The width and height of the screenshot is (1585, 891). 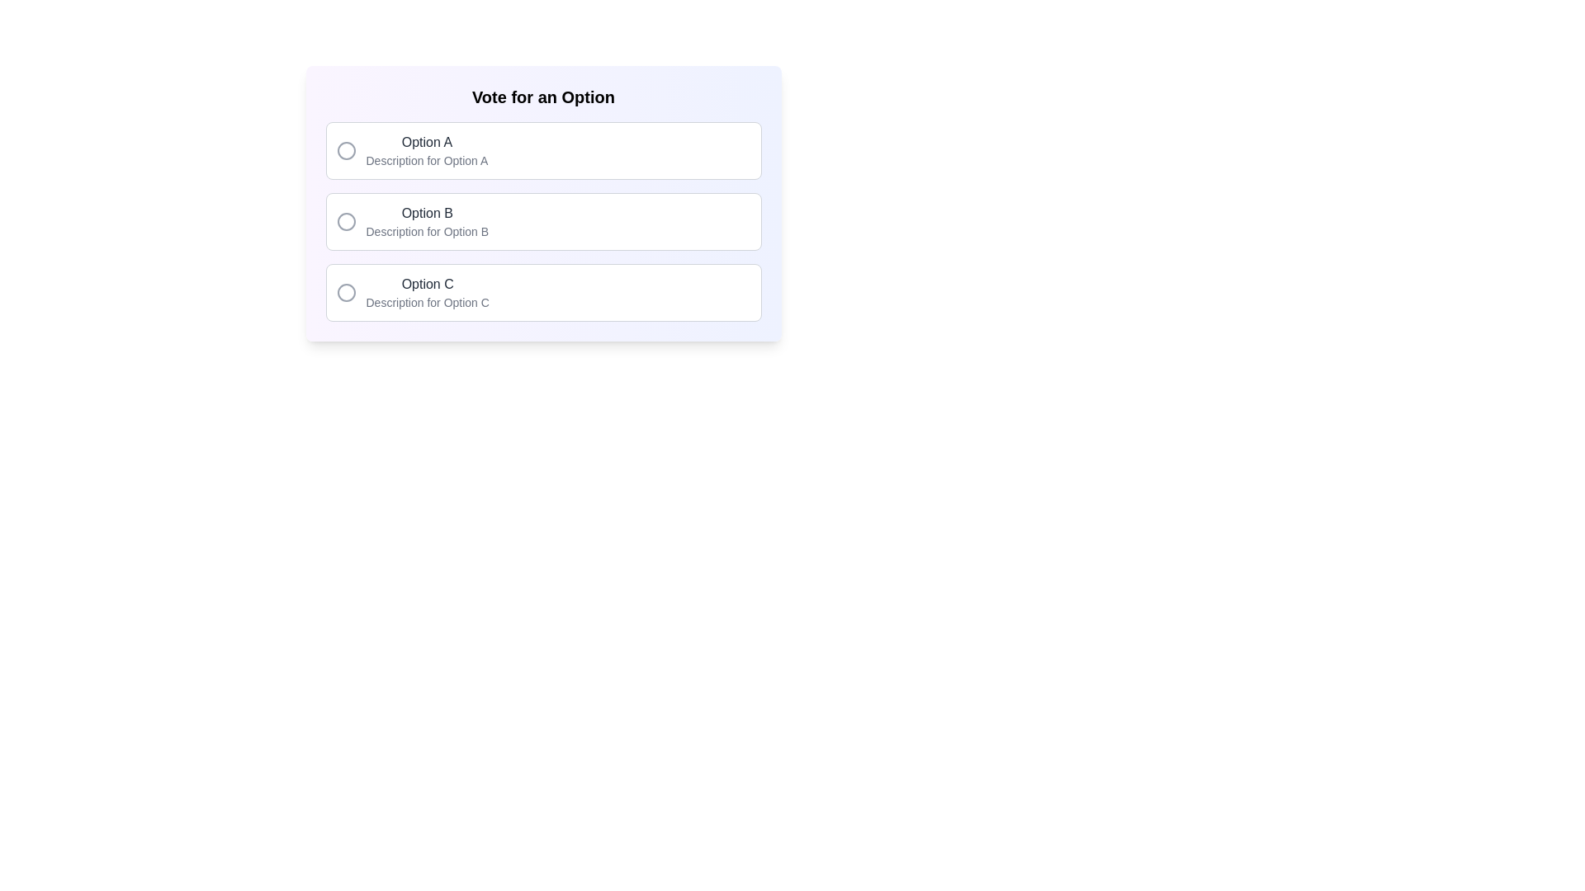 I want to click on the text label displaying 'Option C' with the description 'Description for Option C', which is the third element in a vertical list of options, so click(x=428, y=291).